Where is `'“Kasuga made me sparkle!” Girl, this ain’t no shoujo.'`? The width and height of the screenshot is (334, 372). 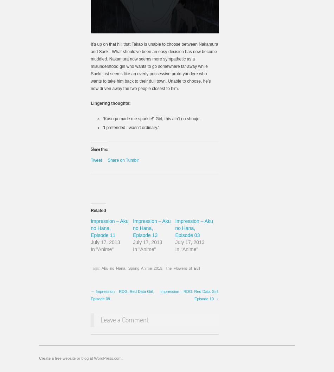
'“Kasuga made me sparkle!” Girl, this ain’t no shoujo.' is located at coordinates (151, 118).